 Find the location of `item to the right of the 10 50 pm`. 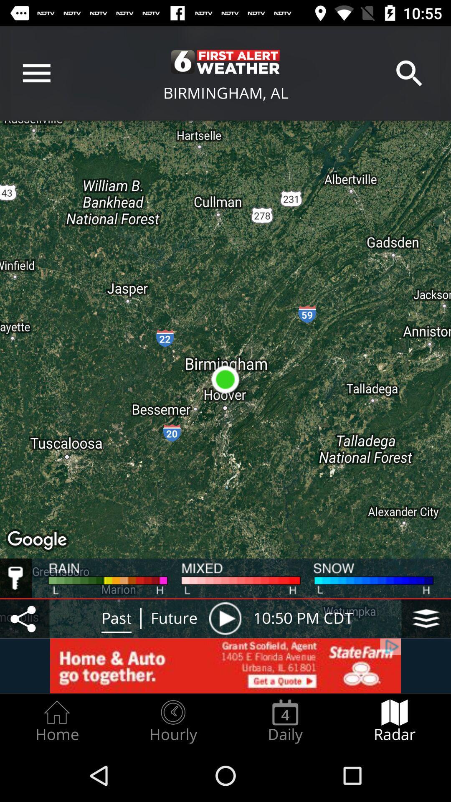

item to the right of the 10 50 pm is located at coordinates (426, 618).